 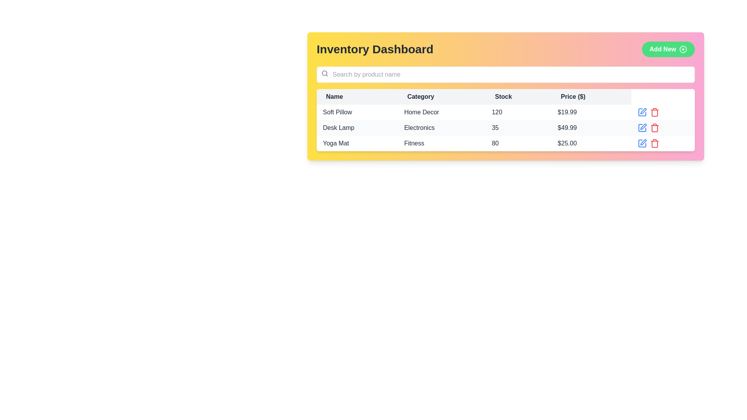 I want to click on the text displaying the value '35' in the 'Stock' column of the inventory table for 'Desk Lamp', so click(x=518, y=127).